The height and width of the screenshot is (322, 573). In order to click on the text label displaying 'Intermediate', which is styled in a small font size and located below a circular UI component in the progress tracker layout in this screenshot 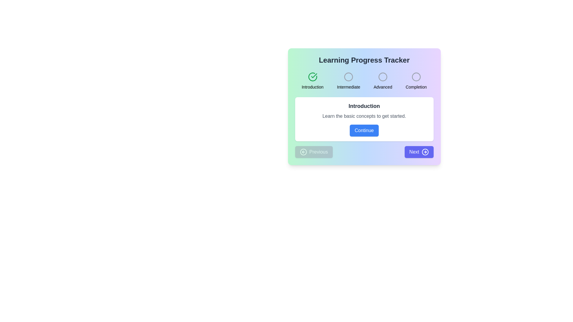, I will do `click(349, 87)`.